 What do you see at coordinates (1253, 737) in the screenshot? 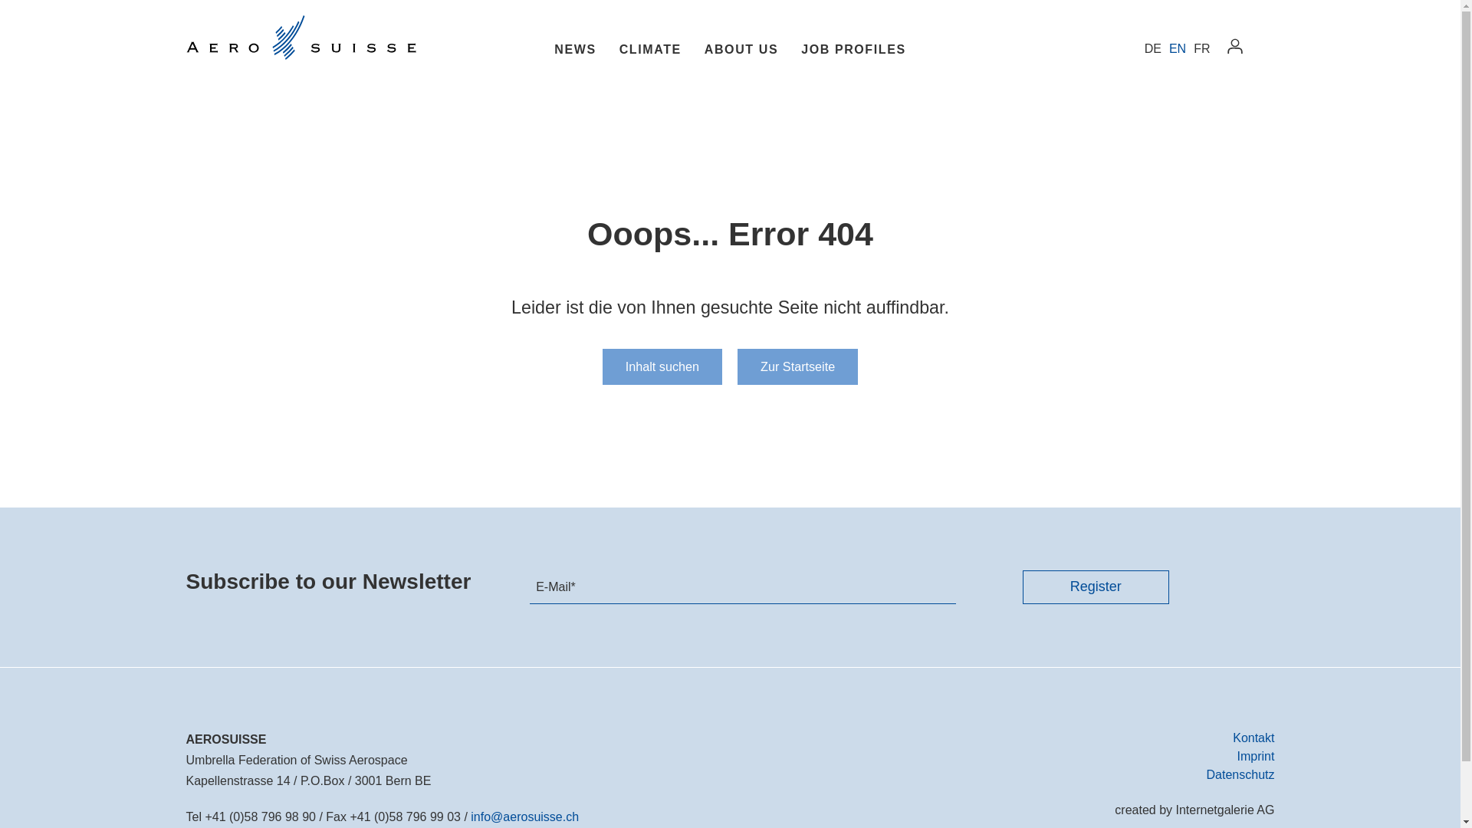
I see `'Kontakt'` at bounding box center [1253, 737].